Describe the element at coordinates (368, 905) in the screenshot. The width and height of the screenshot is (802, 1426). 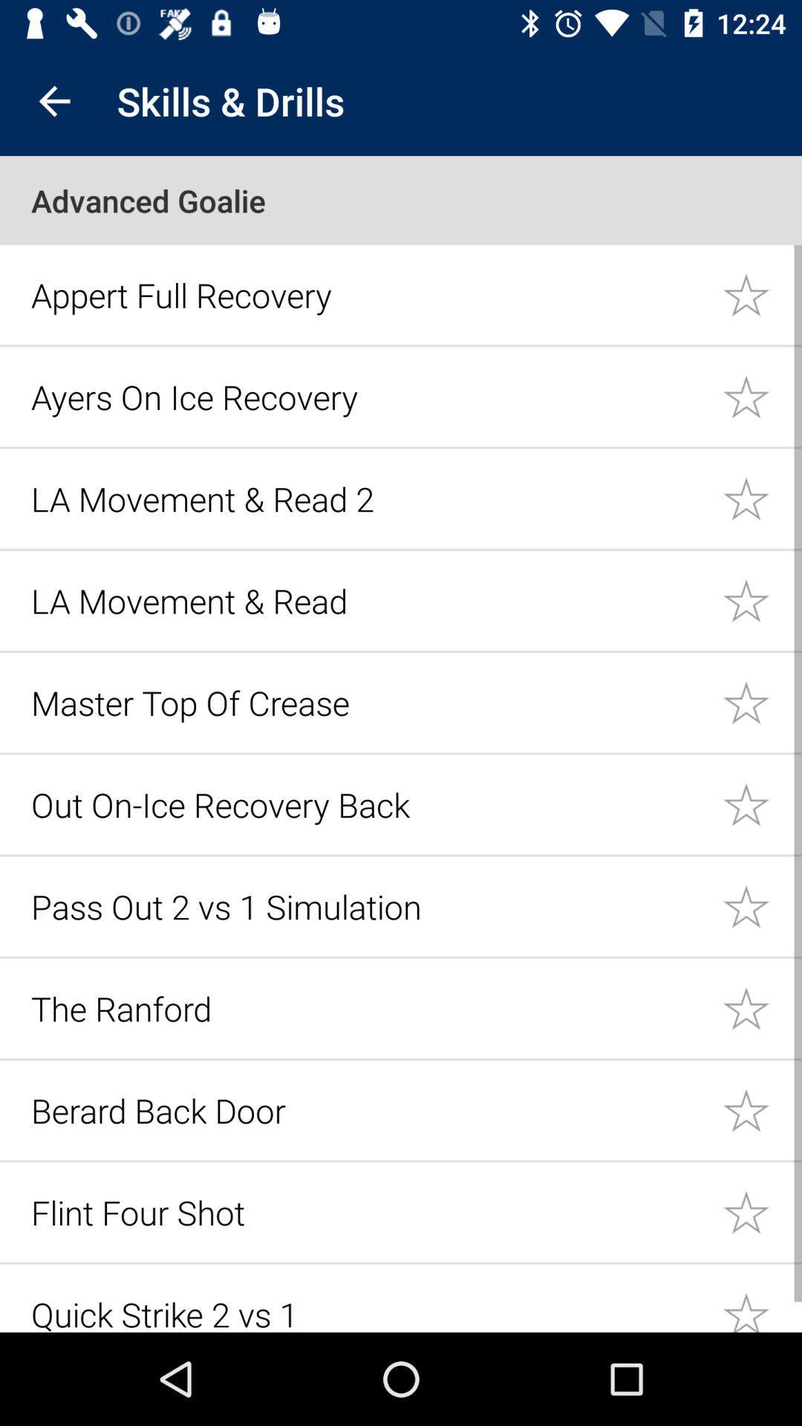
I see `icon above the ranford` at that location.